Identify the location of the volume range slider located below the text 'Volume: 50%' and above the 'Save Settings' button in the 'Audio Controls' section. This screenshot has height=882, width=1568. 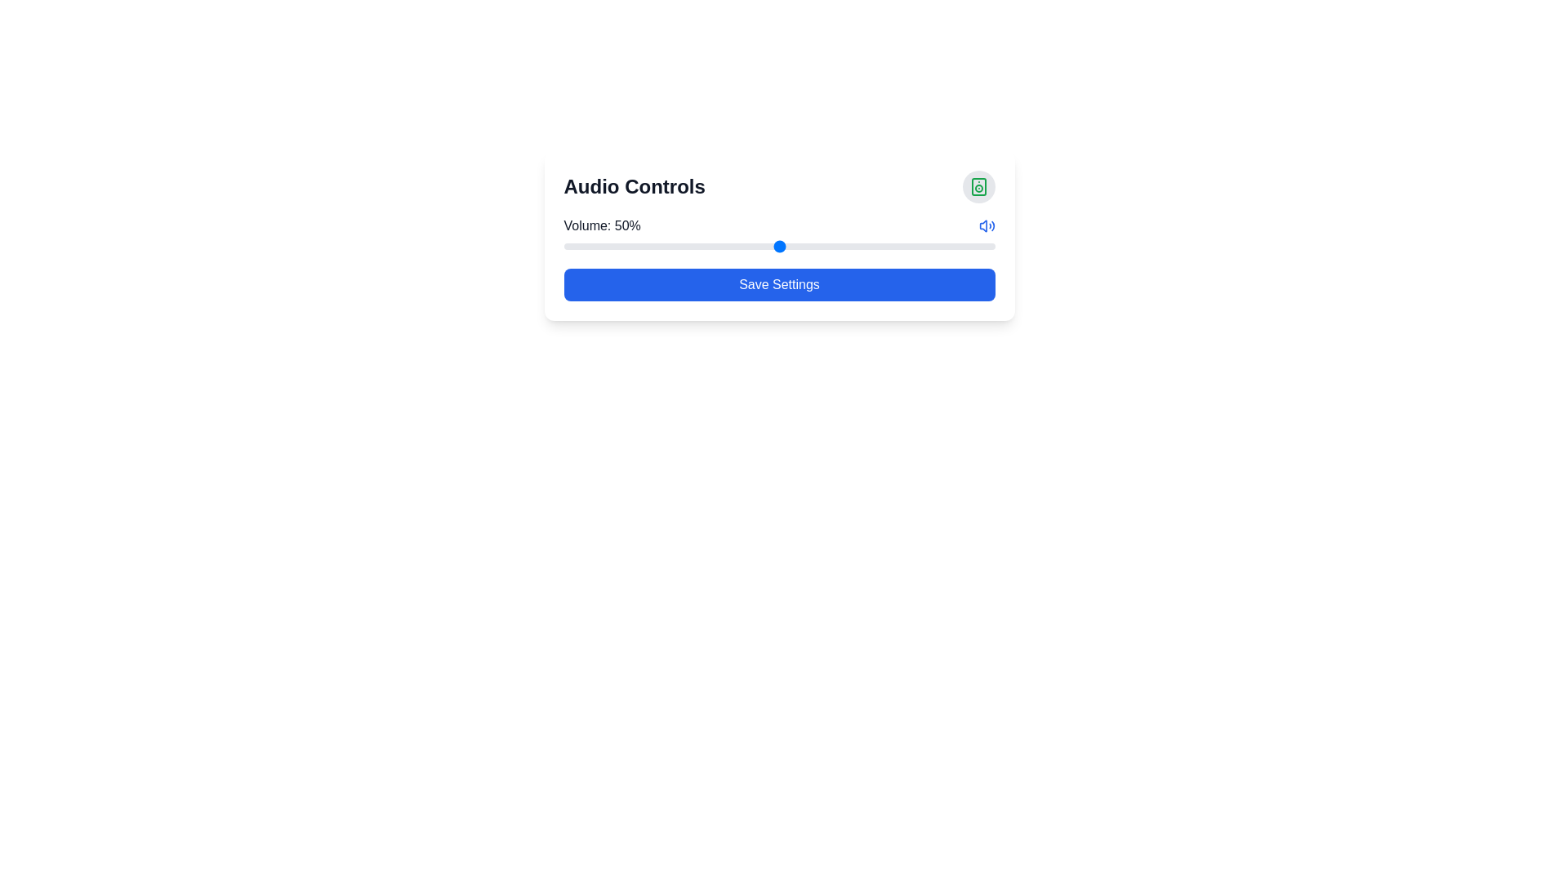
(778, 246).